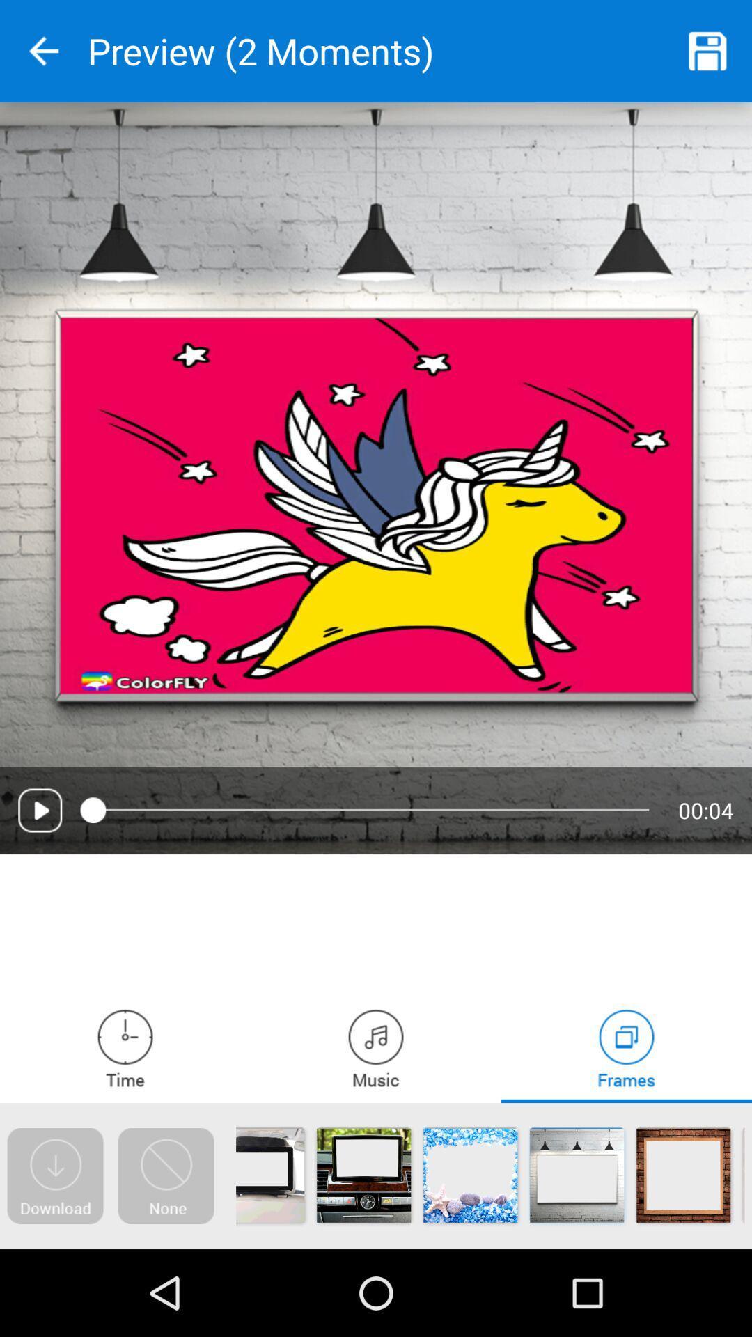 The height and width of the screenshot is (1337, 752). What do you see at coordinates (165, 1175) in the screenshot?
I see `the blinkung box with picture means you dont want any feature photo in your video` at bounding box center [165, 1175].